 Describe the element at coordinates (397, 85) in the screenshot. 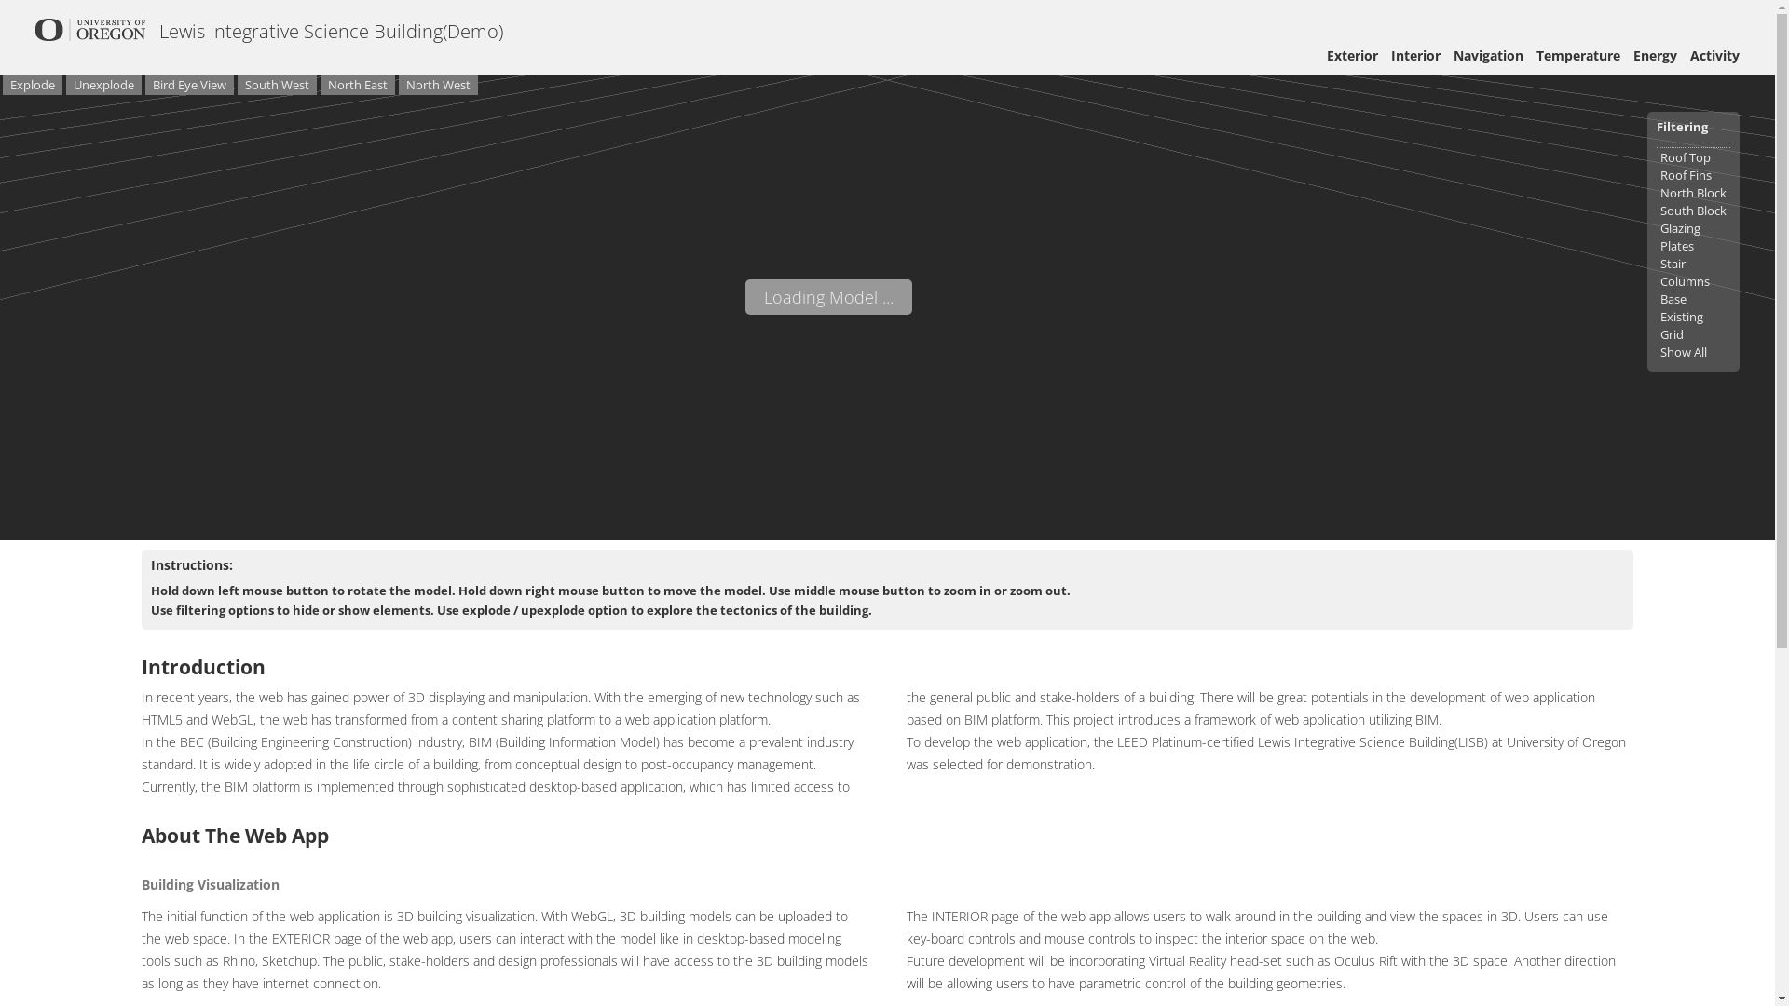

I see `'North West'` at that location.